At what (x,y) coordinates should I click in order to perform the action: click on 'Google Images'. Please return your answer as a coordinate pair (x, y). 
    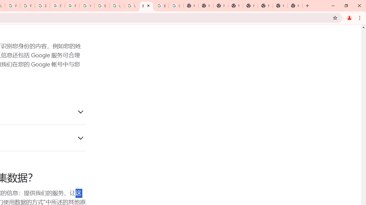
    Looking at the image, I should click on (176, 6).